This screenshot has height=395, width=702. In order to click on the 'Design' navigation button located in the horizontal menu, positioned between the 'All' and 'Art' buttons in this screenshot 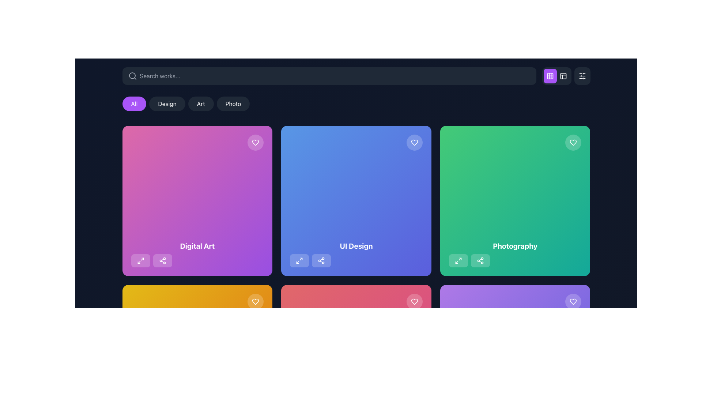, I will do `click(167, 104)`.